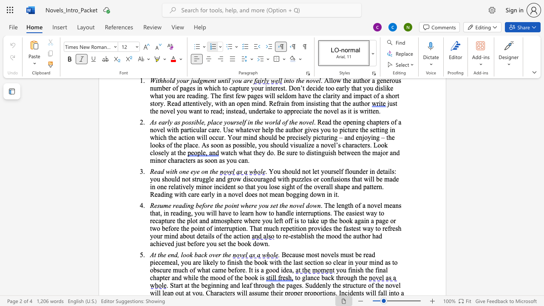  What do you see at coordinates (266, 270) in the screenshot?
I see `the 1th character "g" in the text` at bounding box center [266, 270].